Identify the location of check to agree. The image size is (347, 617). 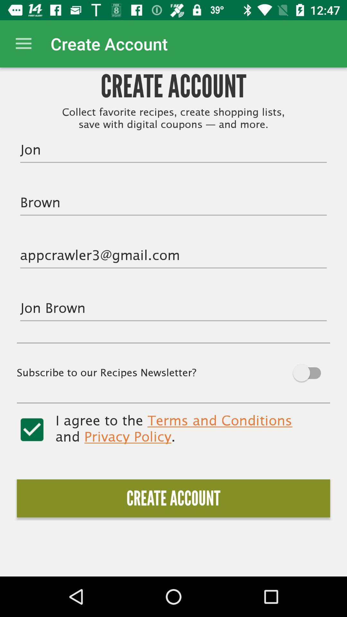
(32, 430).